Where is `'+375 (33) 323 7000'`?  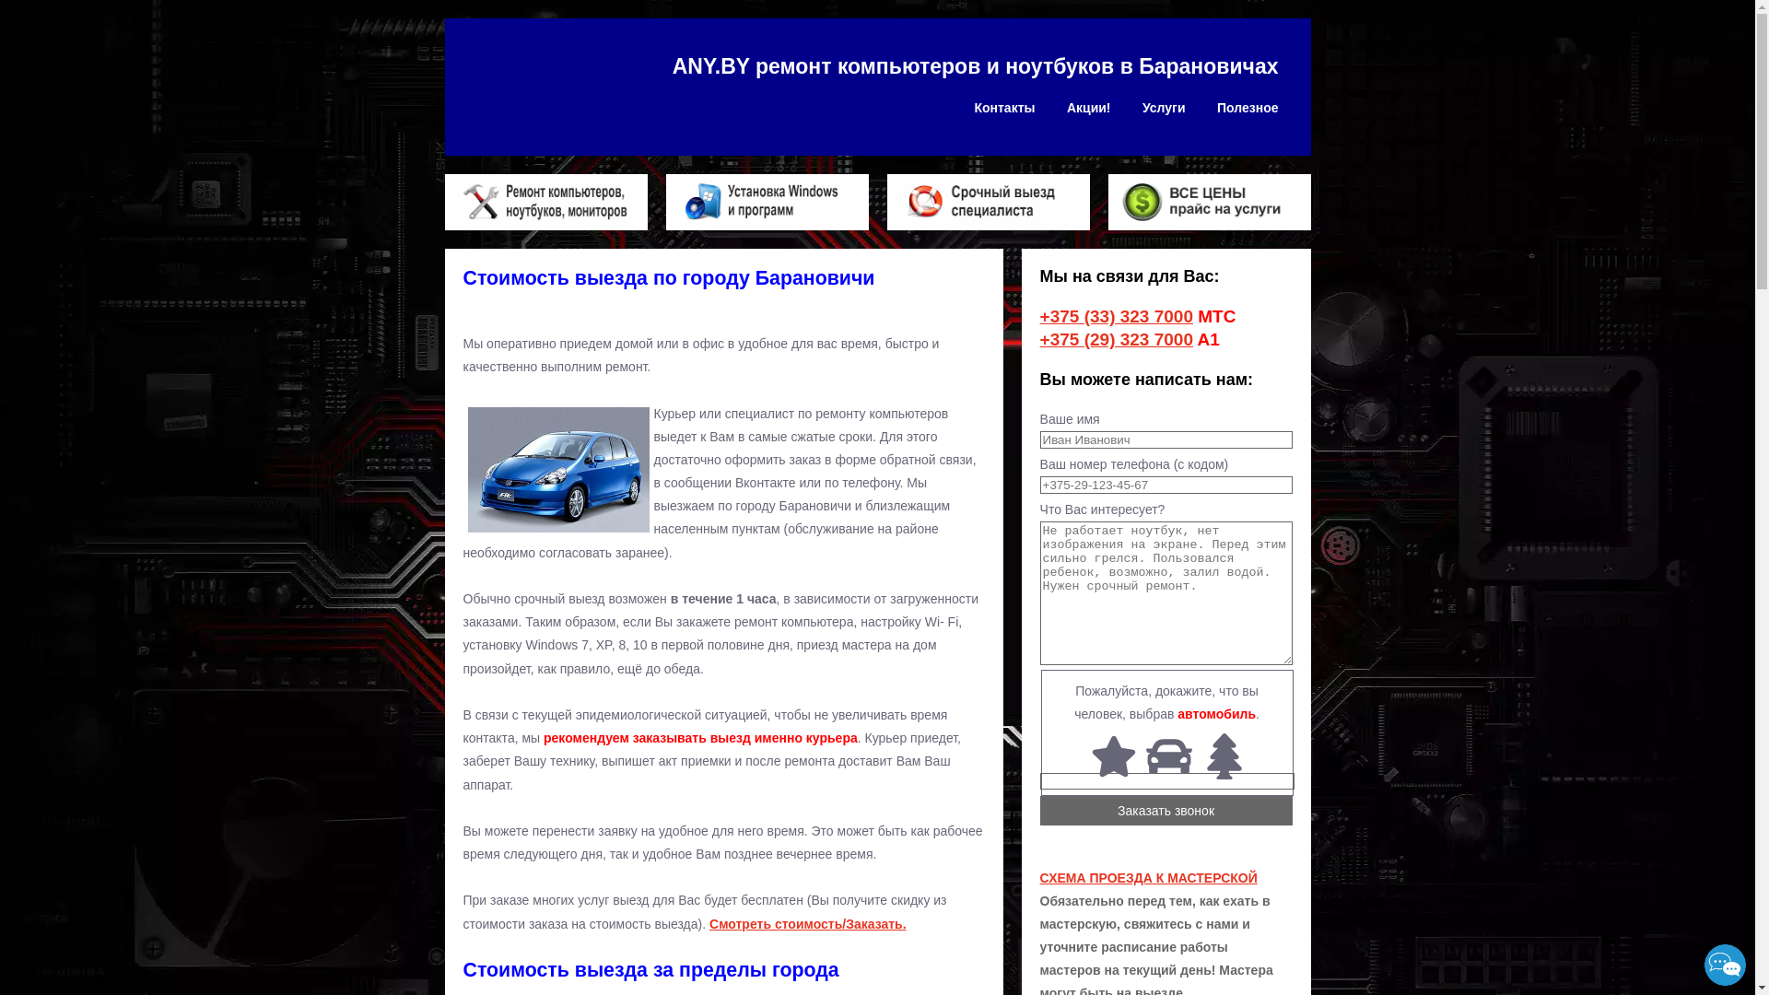
'+375 (33) 323 7000' is located at coordinates (1115, 315).